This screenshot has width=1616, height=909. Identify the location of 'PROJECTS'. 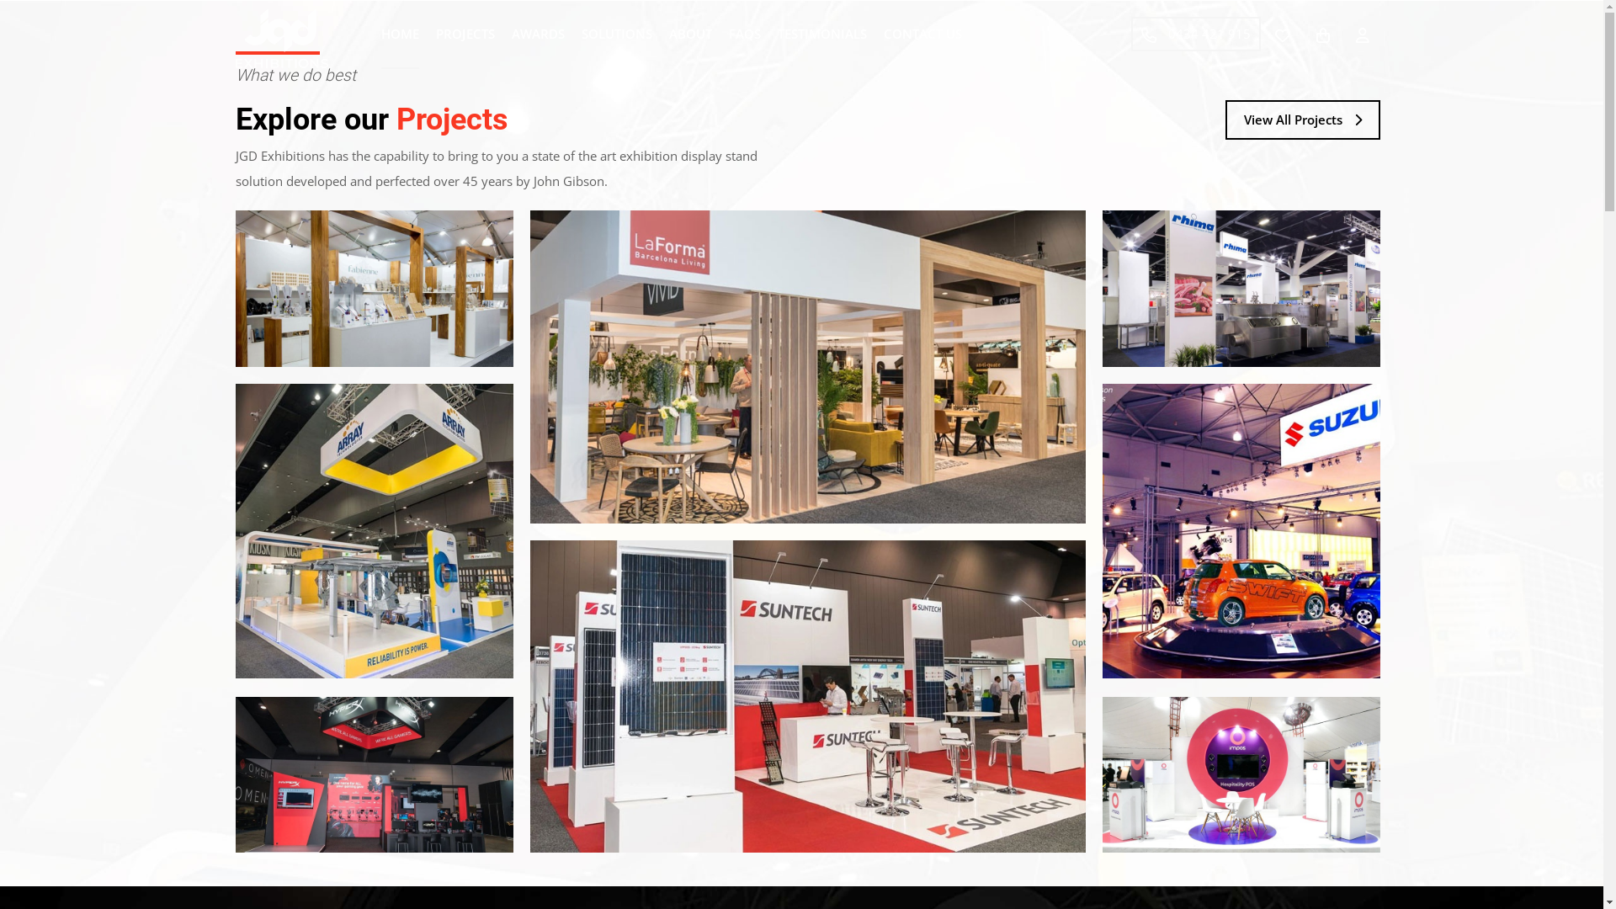
(436, 33).